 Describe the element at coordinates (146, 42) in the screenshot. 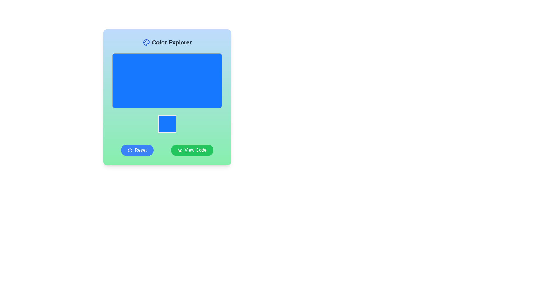

I see `the 'Color Explorer' icon located to the immediate left of the 'Color Explorer' text label, enhancing user interaction with the feature` at that location.